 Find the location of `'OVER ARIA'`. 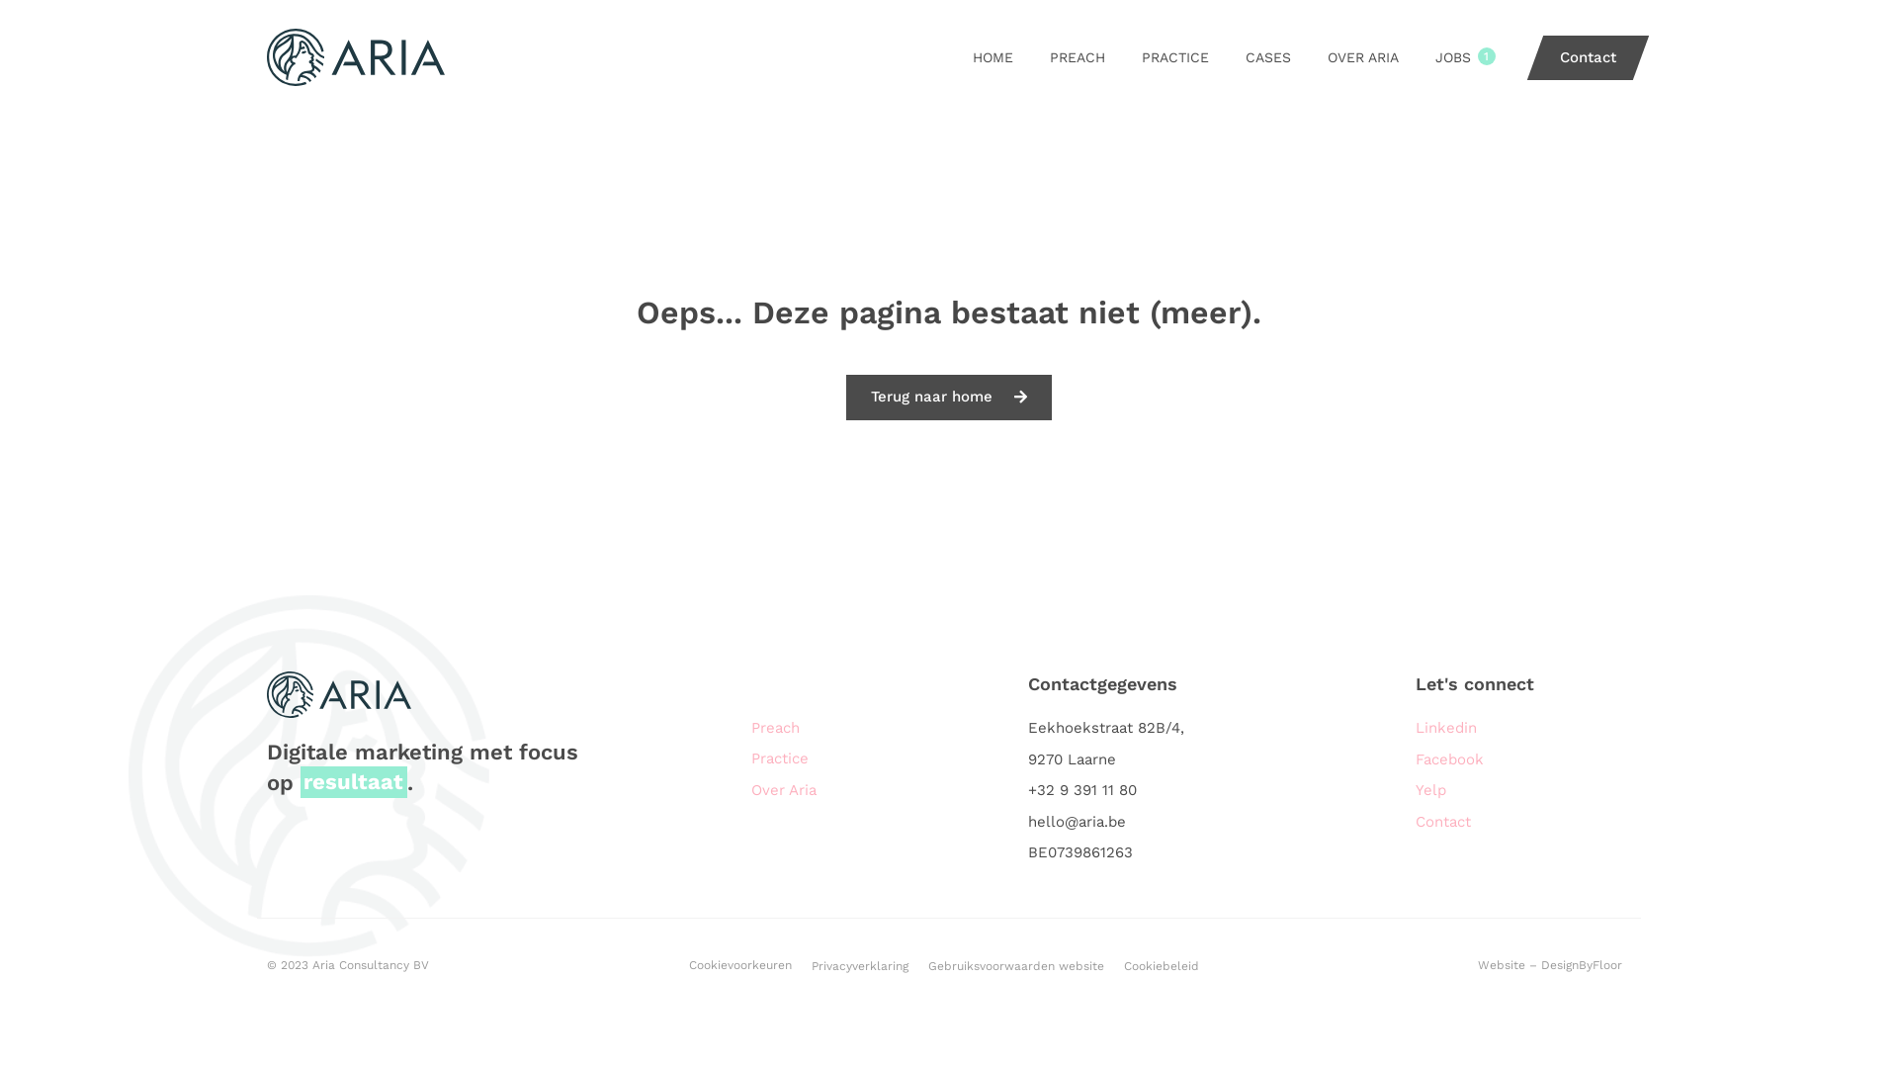

'OVER ARIA' is located at coordinates (1361, 55).